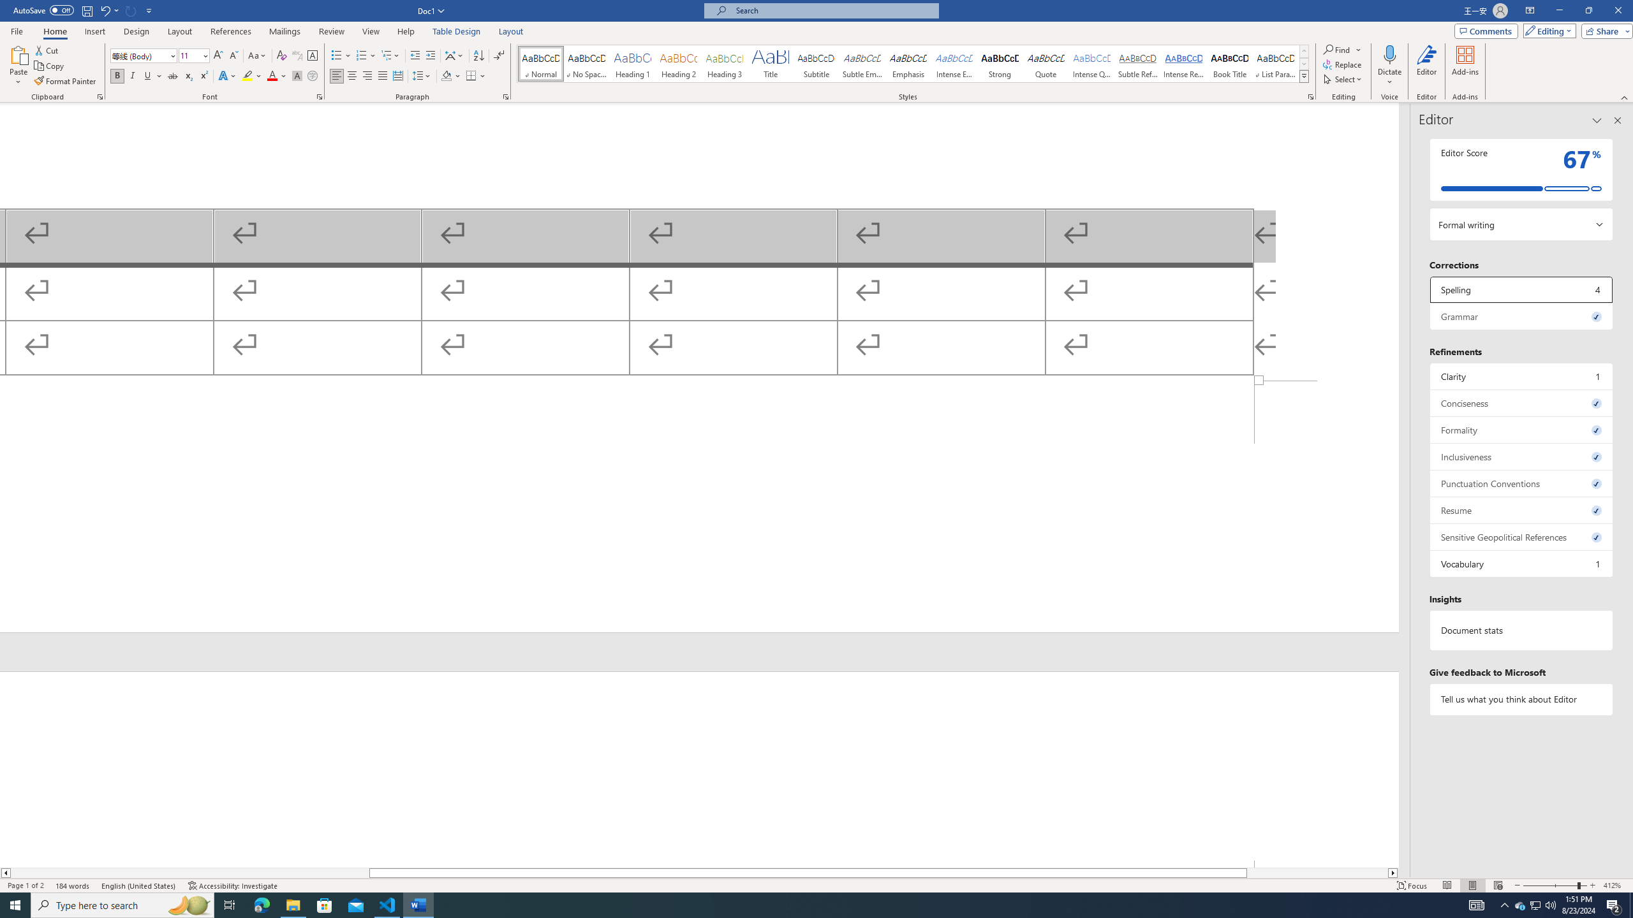 Image resolution: width=1633 pixels, height=918 pixels. What do you see at coordinates (1000, 63) in the screenshot?
I see `'Strong'` at bounding box center [1000, 63].